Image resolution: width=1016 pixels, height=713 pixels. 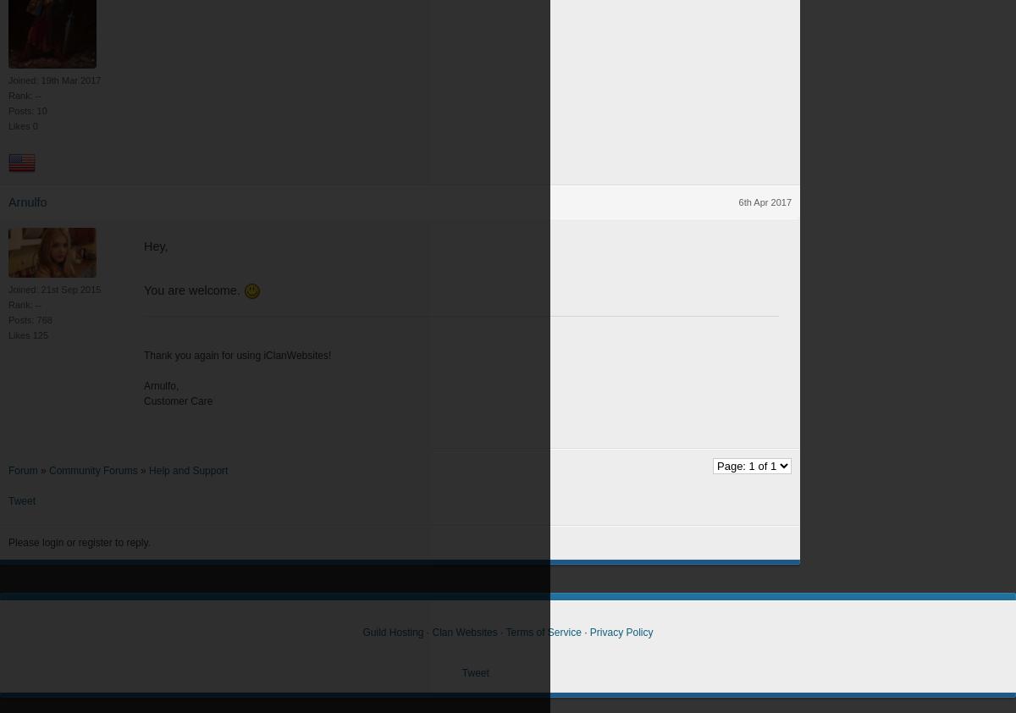 I want to click on 'Hey,', so click(x=154, y=246).